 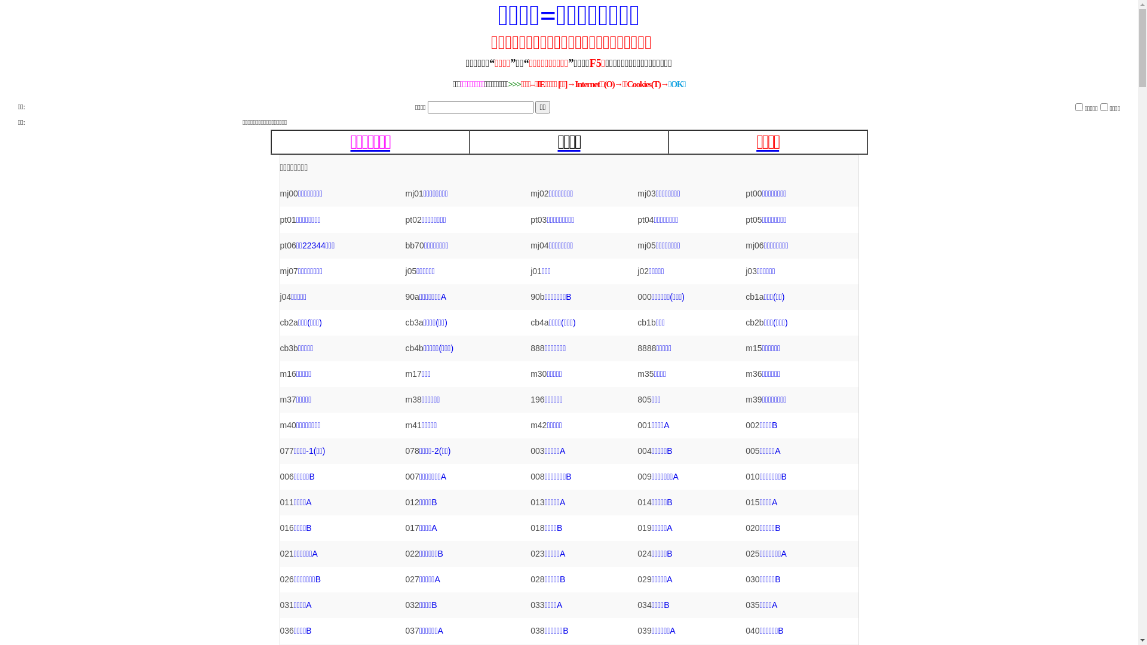 I want to click on 'm38', so click(x=405, y=399).